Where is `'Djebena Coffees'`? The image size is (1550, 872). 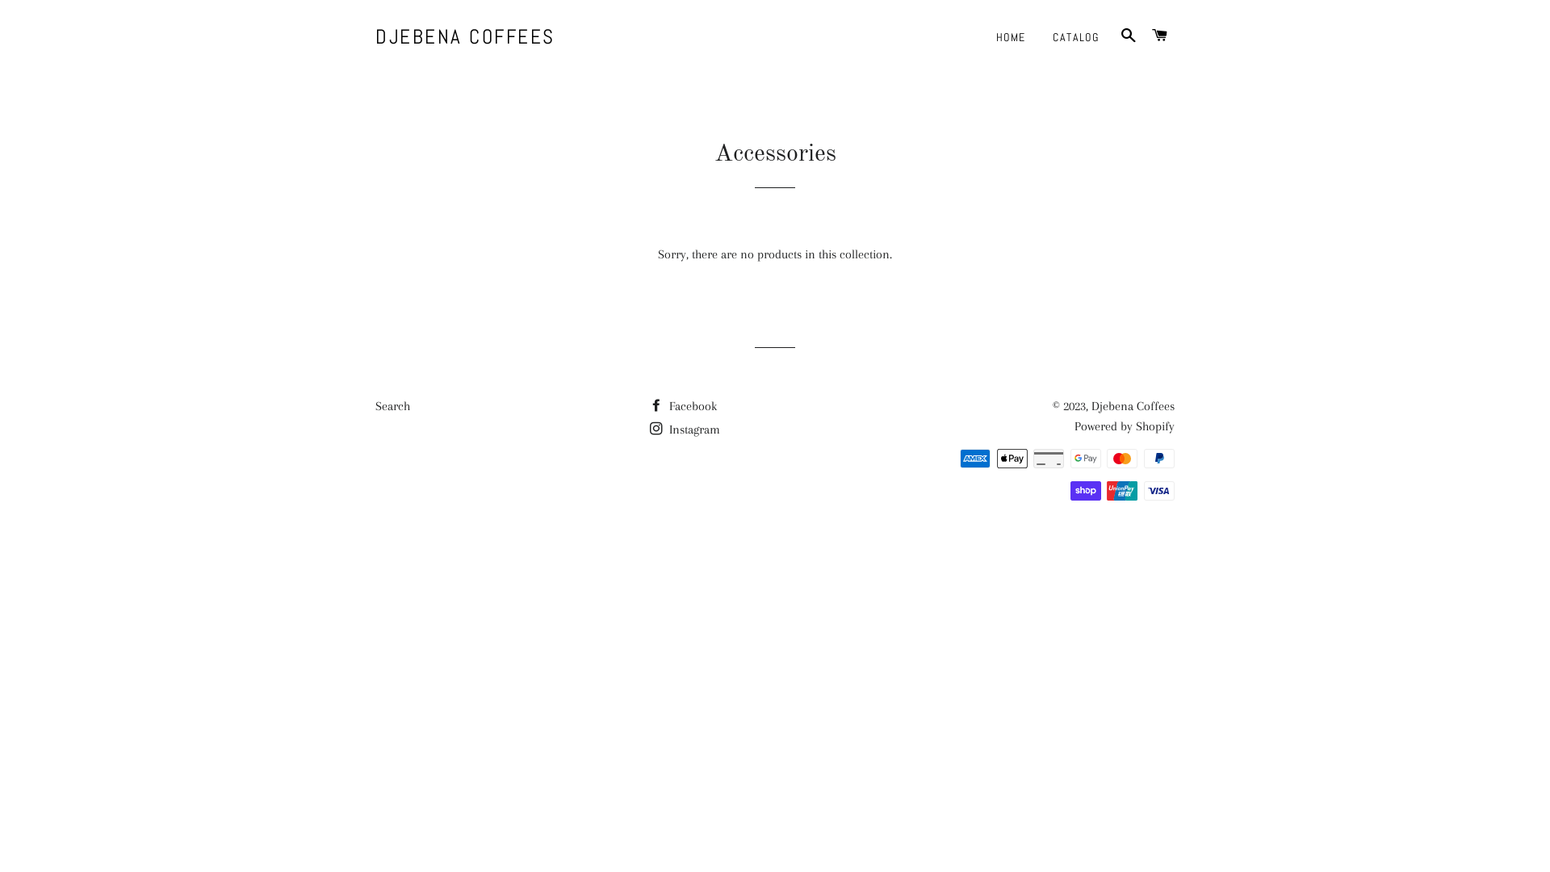
'Djebena Coffees' is located at coordinates (1132, 405).